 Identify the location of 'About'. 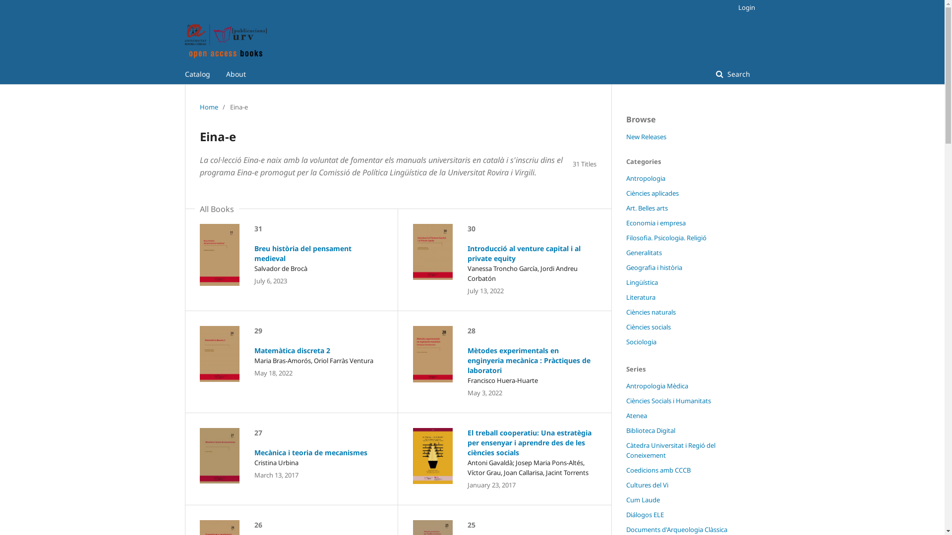
(235, 74).